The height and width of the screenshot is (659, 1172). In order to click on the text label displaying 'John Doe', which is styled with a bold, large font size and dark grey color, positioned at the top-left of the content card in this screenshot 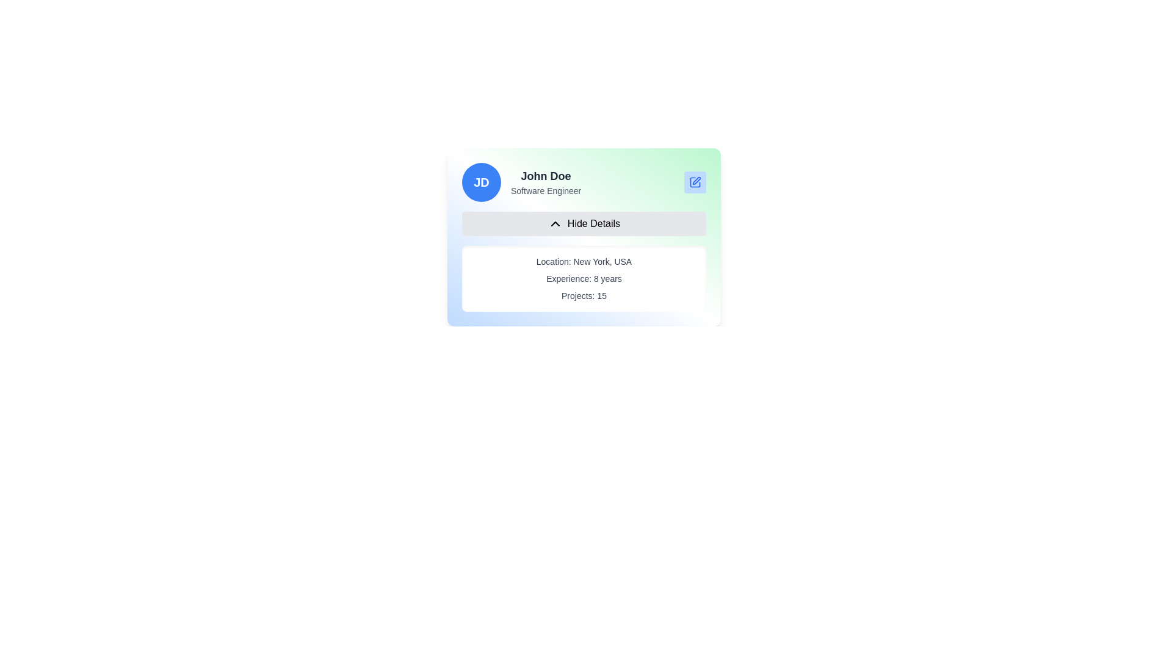, I will do `click(545, 176)`.